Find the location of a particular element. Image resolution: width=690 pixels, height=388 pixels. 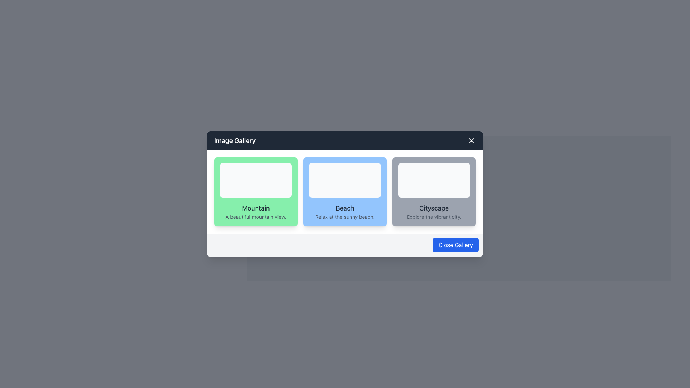

the placeholder element located at the top of the 'Cityscape' card, which serves as a background for an image or content area, aligned with the 'Mountain' and 'Beach' cards is located at coordinates (434, 180).